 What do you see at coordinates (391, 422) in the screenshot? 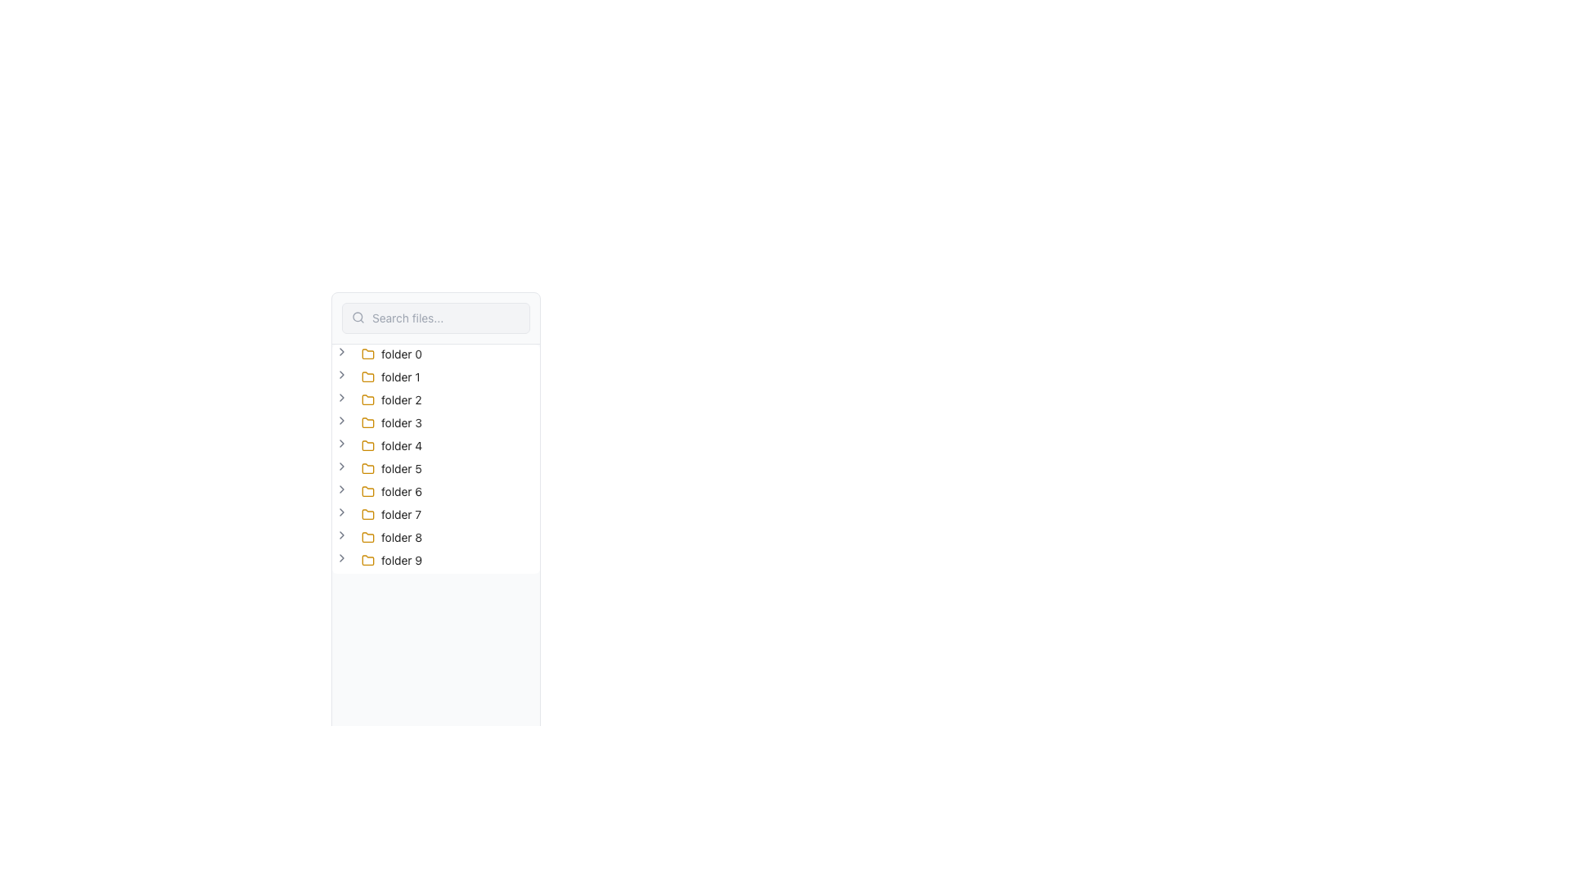
I see `on the 'folder 3' label in the left sidebar` at bounding box center [391, 422].